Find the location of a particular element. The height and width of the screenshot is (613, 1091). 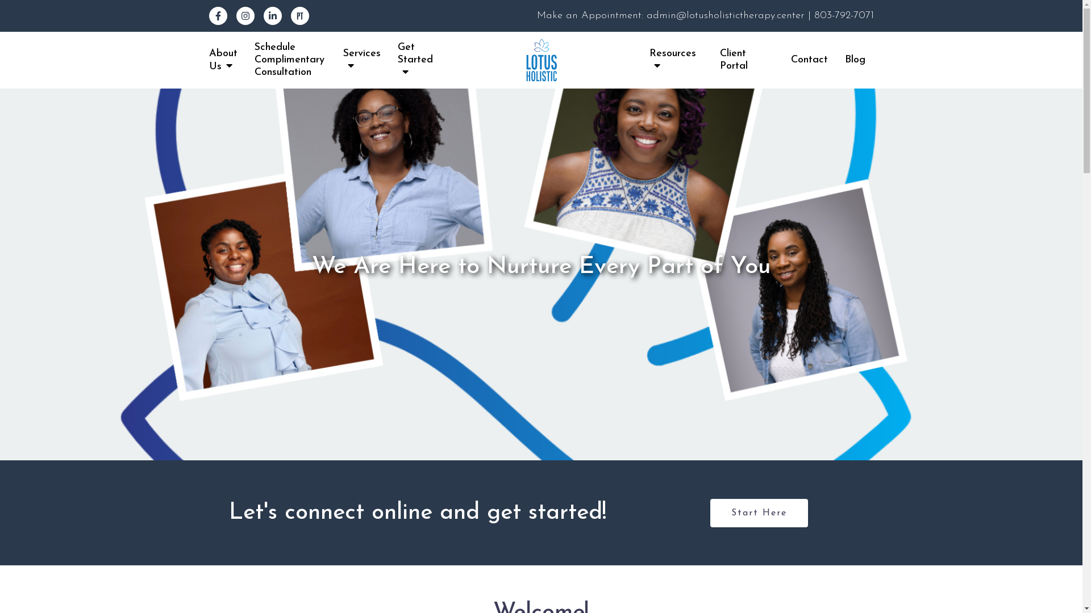

'Start Here' is located at coordinates (709, 512).